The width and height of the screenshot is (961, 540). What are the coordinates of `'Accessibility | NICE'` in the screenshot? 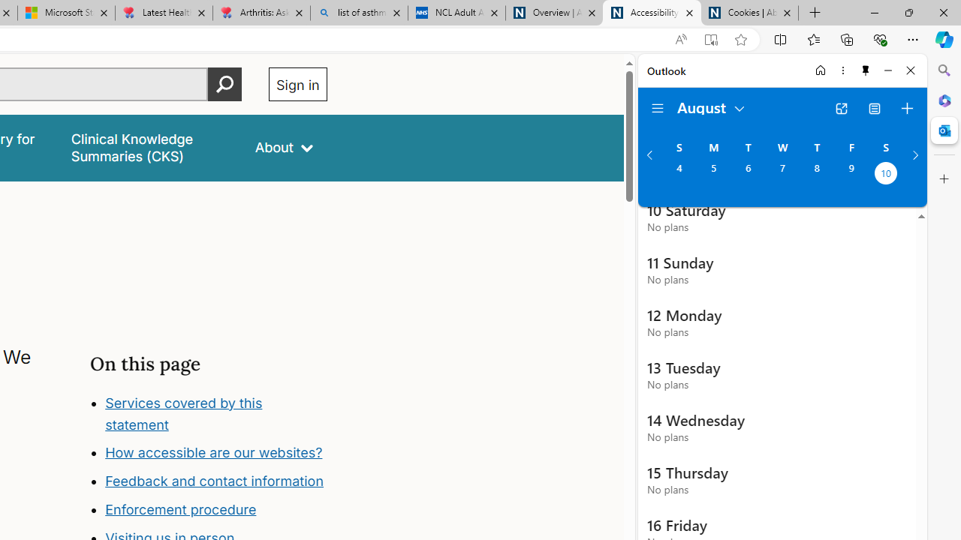 It's located at (652, 13).